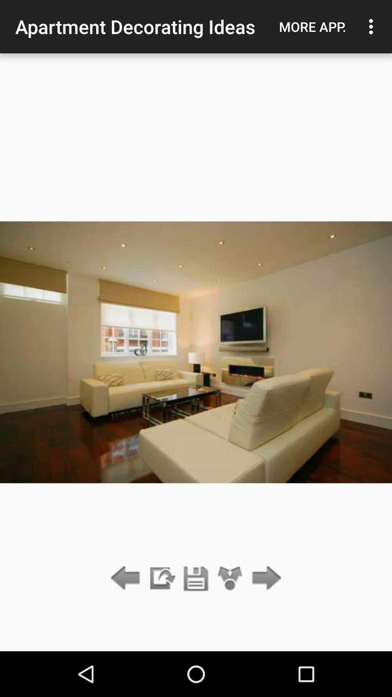  I want to click on icon to the right of more app. icon, so click(373, 27).